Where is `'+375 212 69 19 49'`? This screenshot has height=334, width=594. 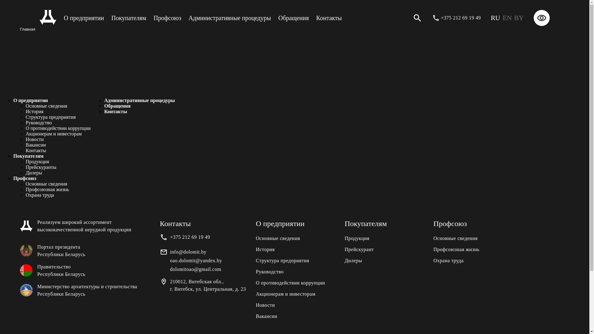 '+375 212 69 19 49' is located at coordinates (461, 17).